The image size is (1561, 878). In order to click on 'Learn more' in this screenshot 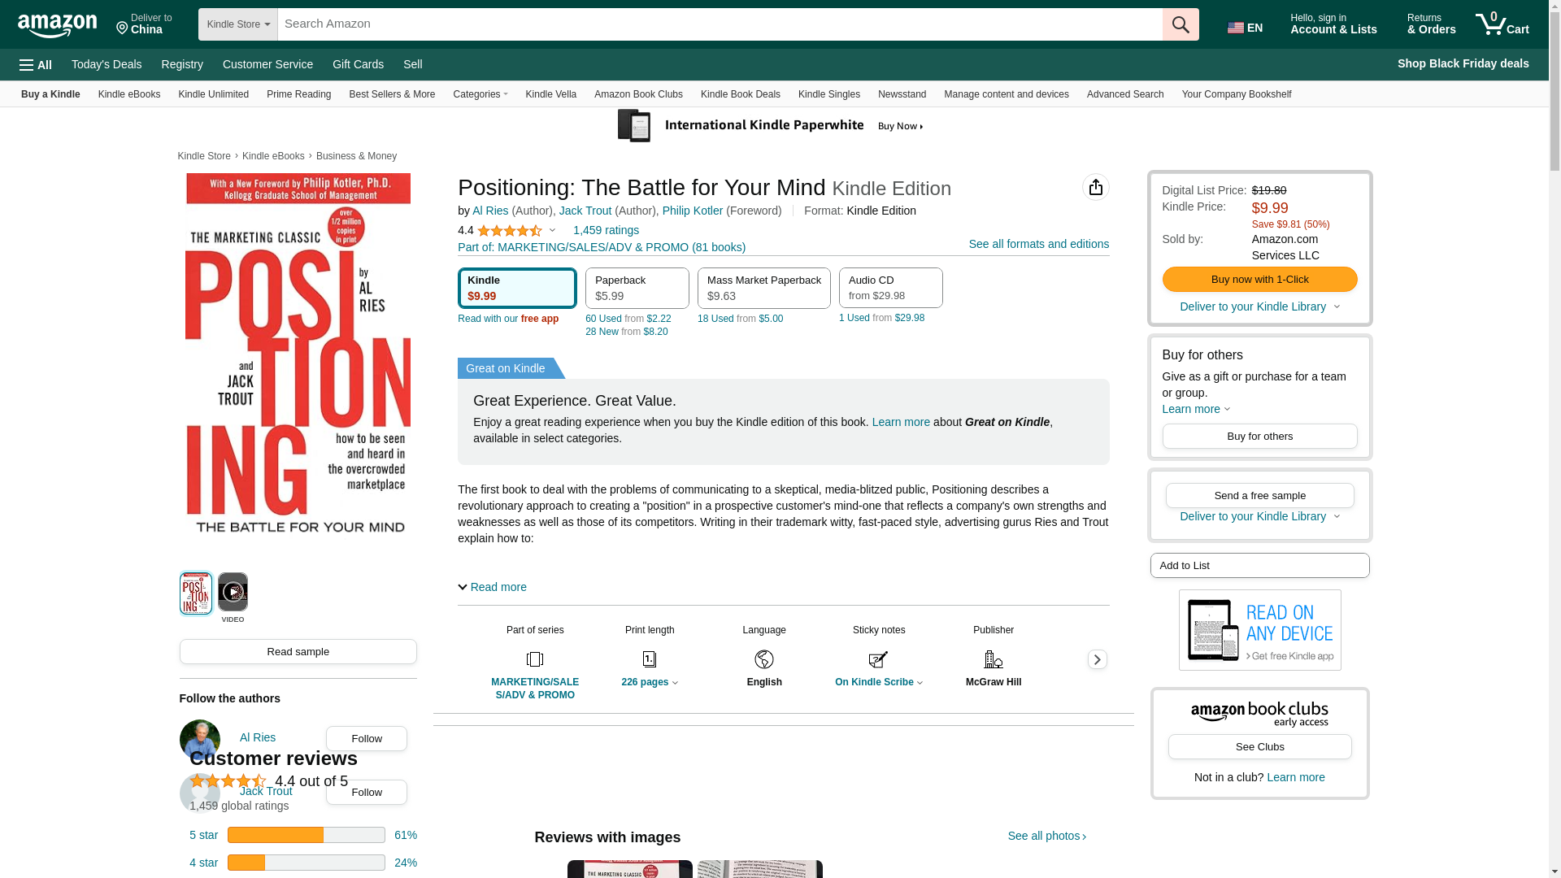, I will do `click(1197, 407)`.